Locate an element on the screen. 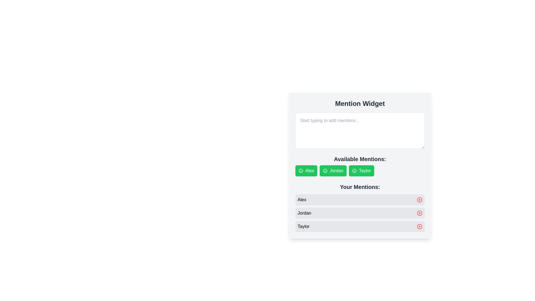 This screenshot has width=535, height=301. the user's name label located in the third item of the 'Your Mentions' section, which is positioned below the labels 'Alex' and 'Jordan' is located at coordinates (303, 227).